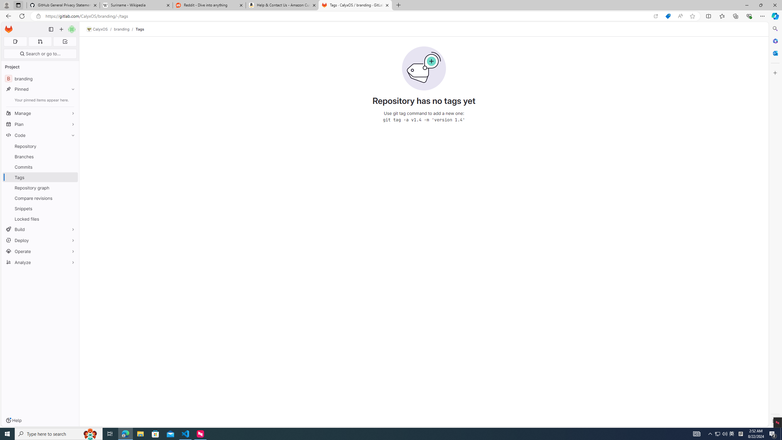 The height and width of the screenshot is (440, 782). I want to click on 'Help & Contact Us - Amazon Customer Service', so click(282, 5).